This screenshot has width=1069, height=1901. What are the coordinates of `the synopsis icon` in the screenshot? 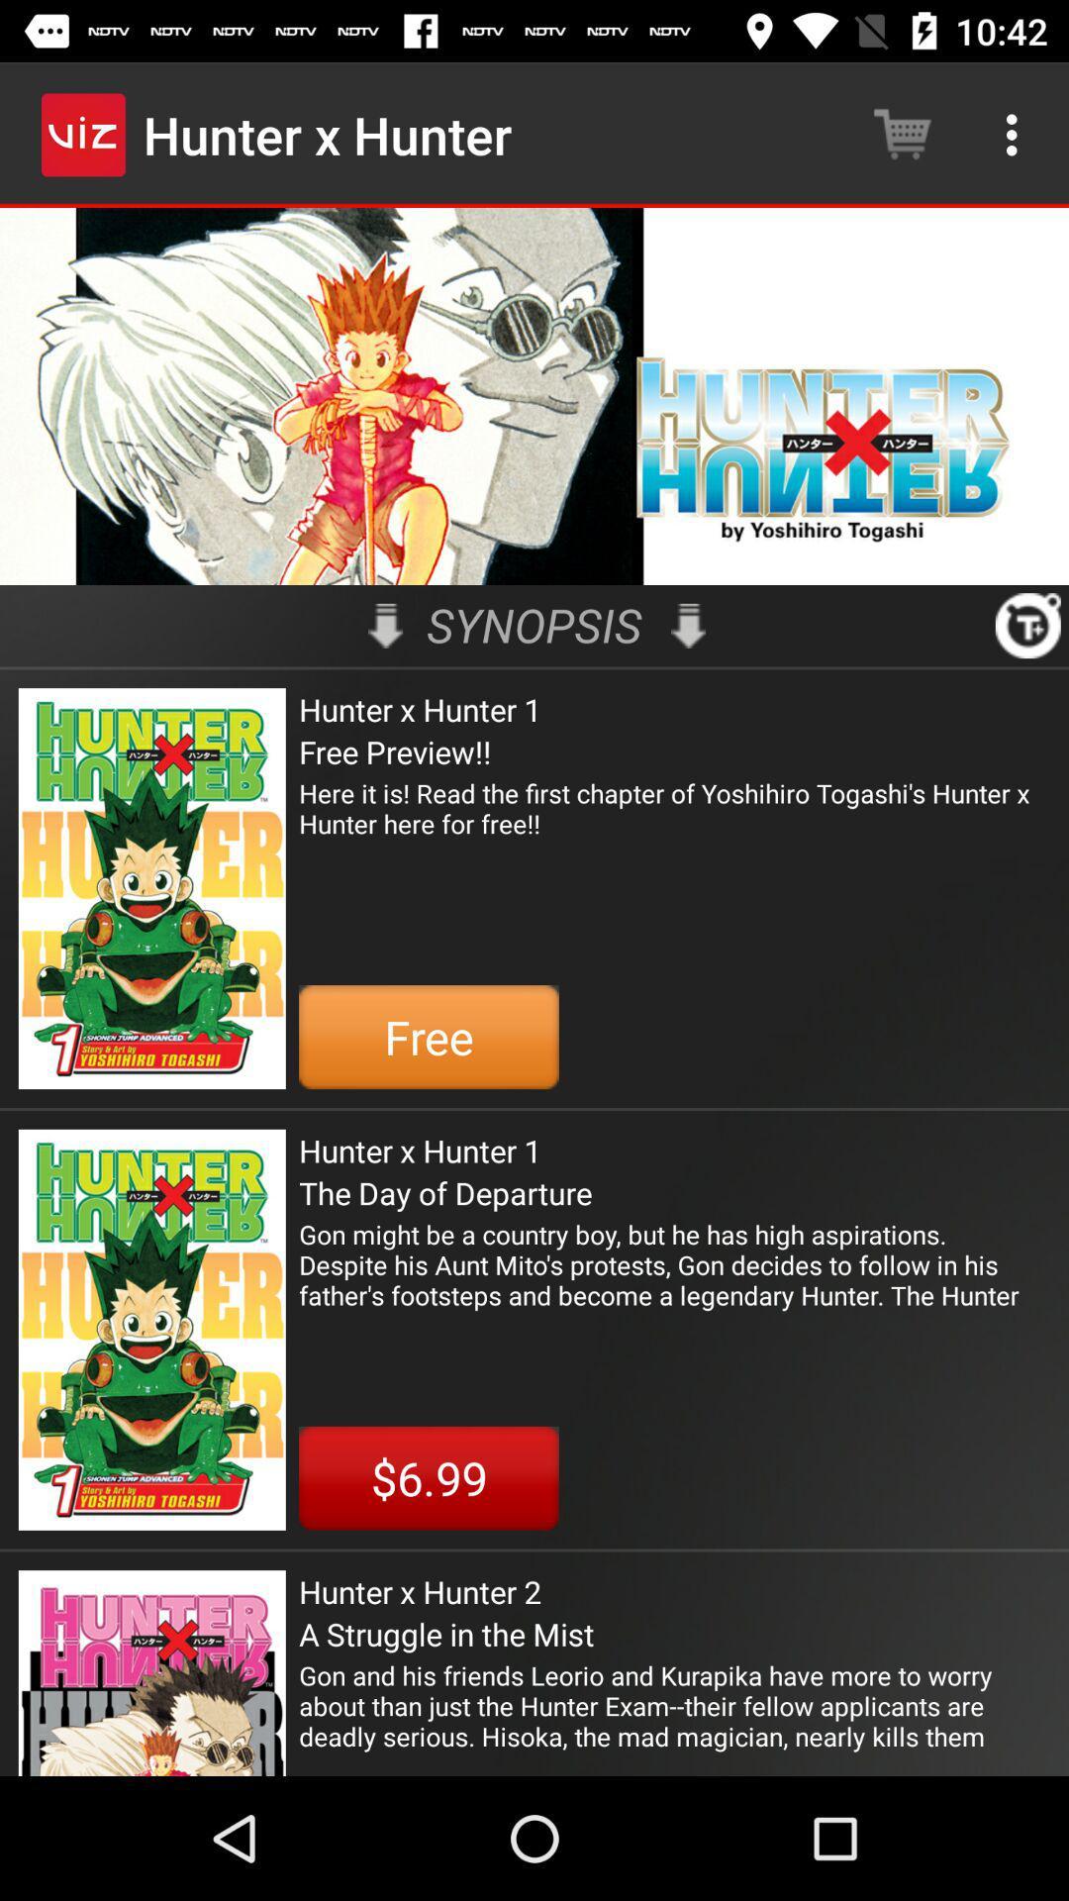 It's located at (534, 624).